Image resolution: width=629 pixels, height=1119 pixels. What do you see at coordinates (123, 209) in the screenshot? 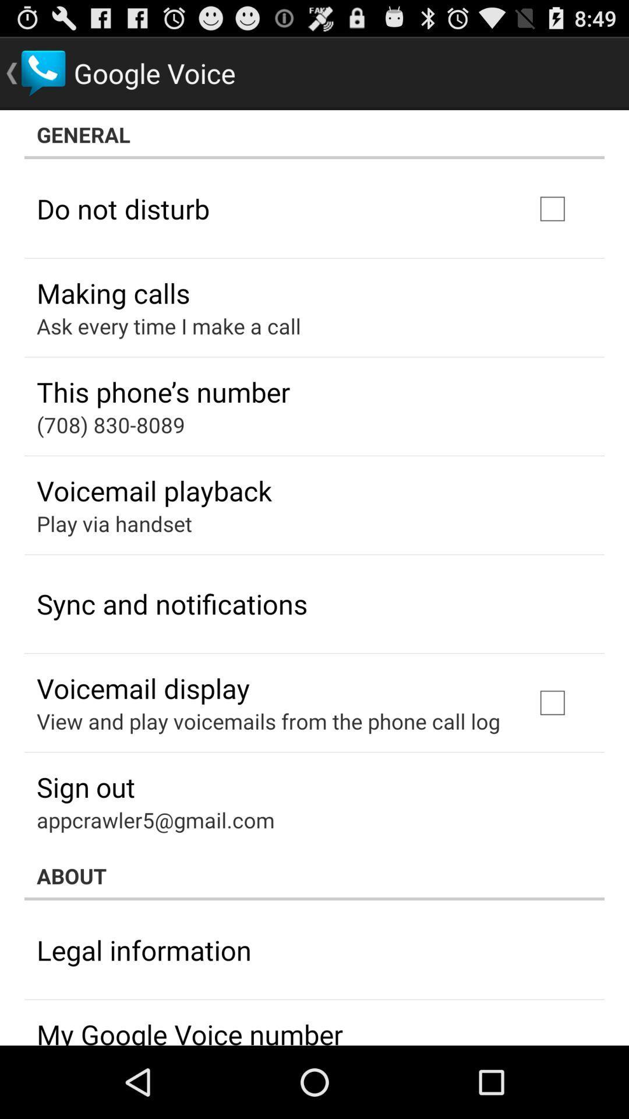
I see `the do not disturb item` at bounding box center [123, 209].